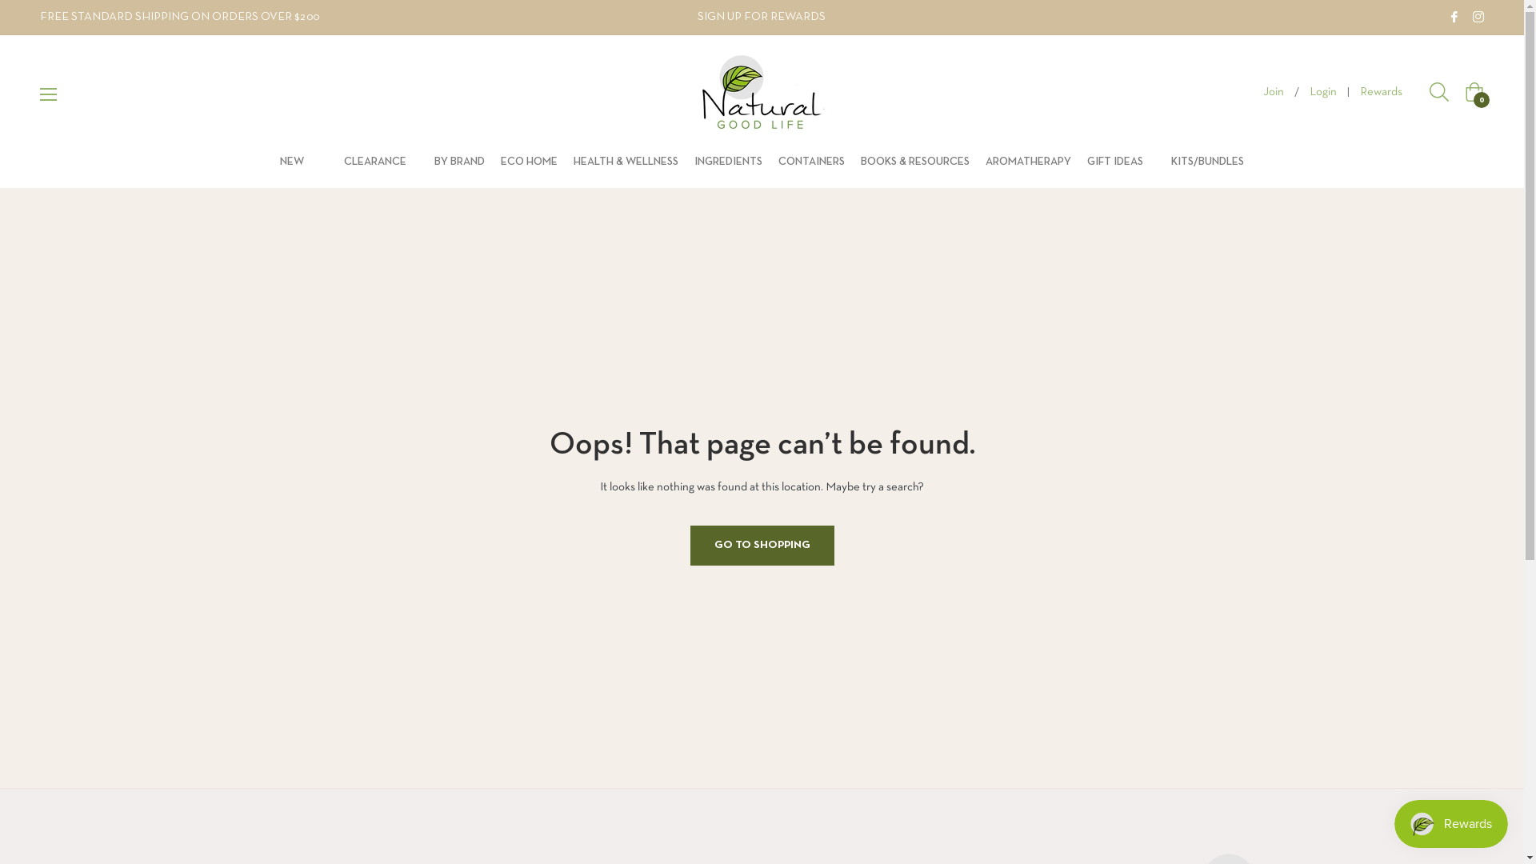  I want to click on 'CONTAINERS', so click(811, 162).